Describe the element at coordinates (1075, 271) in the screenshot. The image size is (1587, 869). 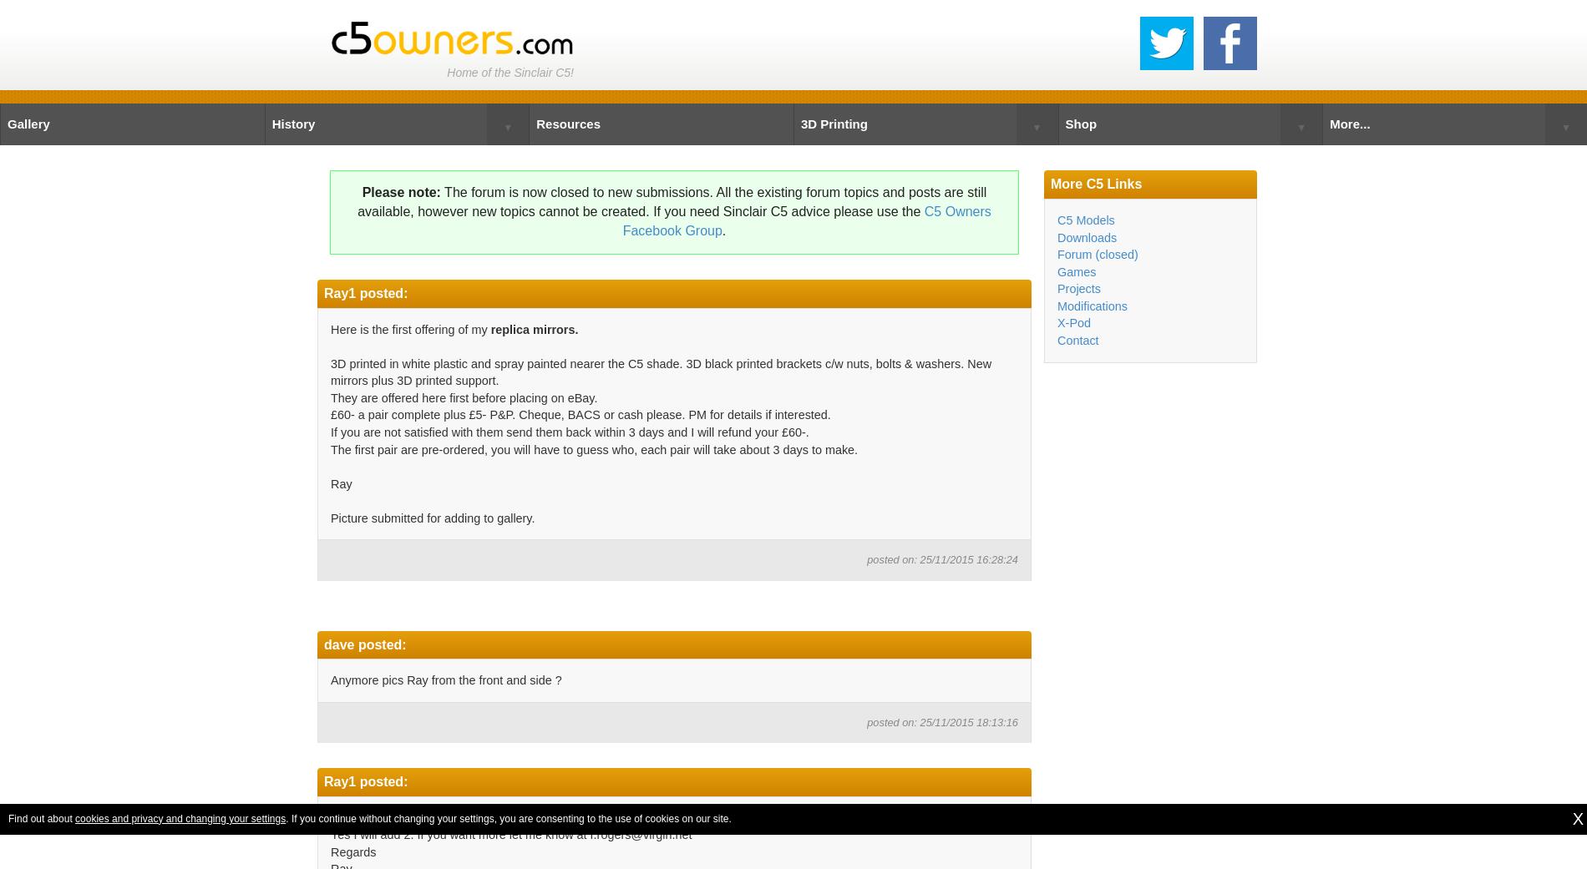
I see `'Games'` at that location.